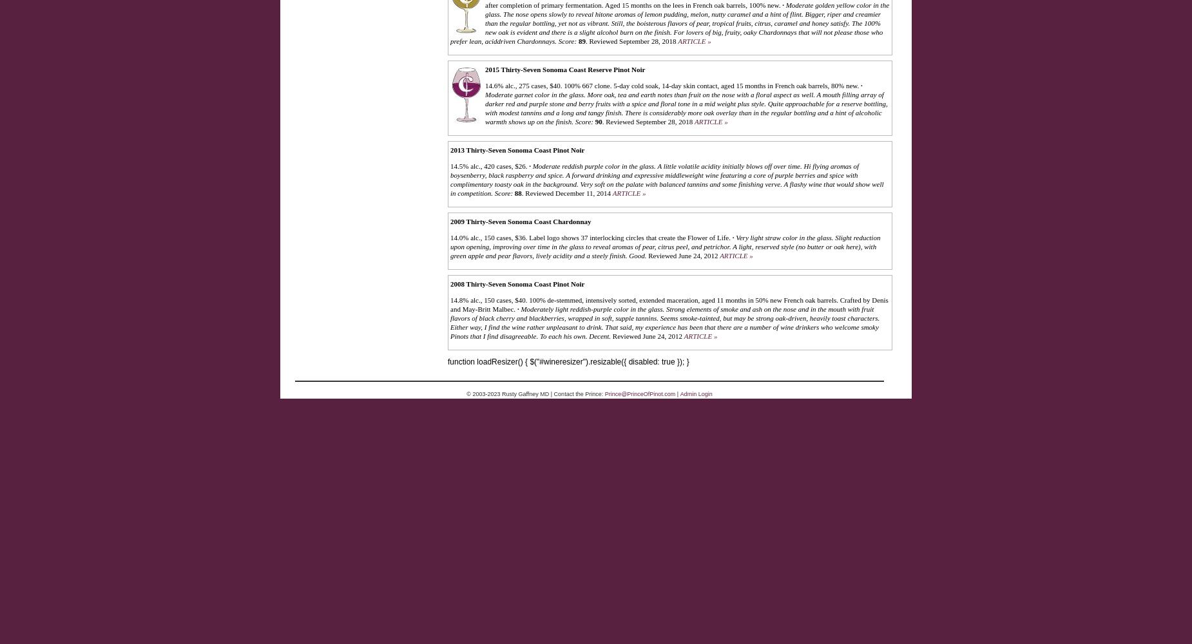  Describe the element at coordinates (535, 393) in the screenshot. I see `'© 2003-2023 Rusty Gaffney MD | Contact the Prince:'` at that location.